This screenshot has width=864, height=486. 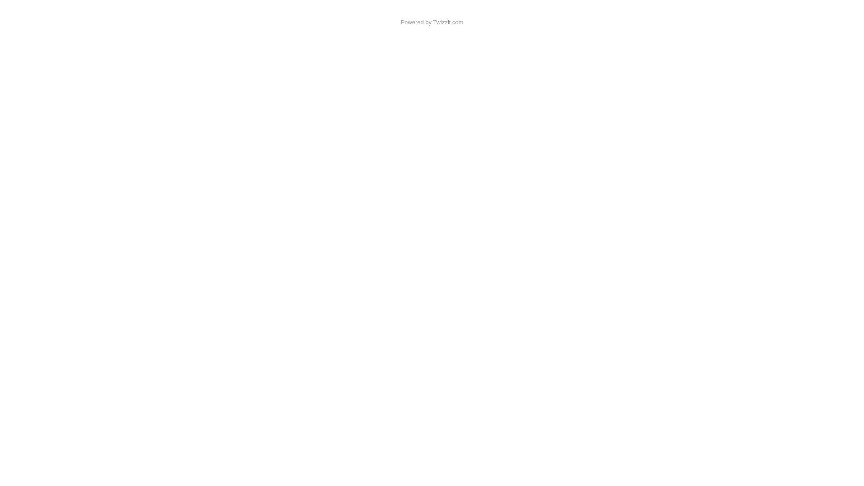 I want to click on 'Twizzit.com', so click(x=432, y=22).